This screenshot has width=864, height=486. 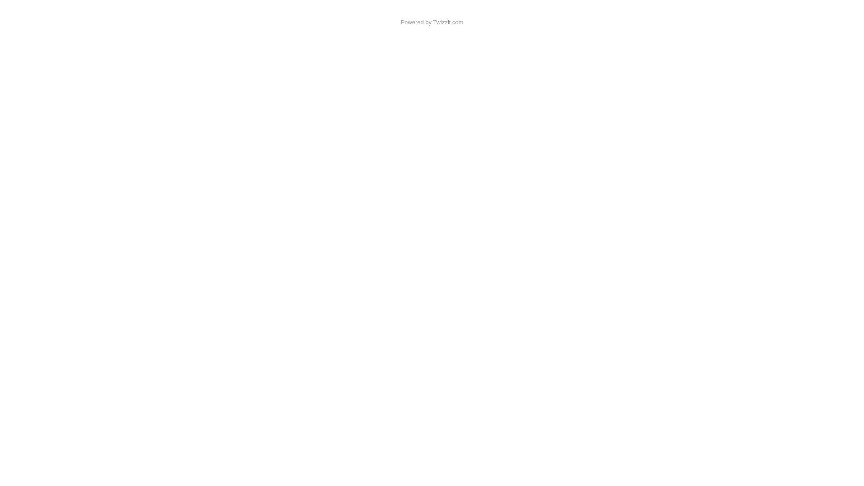 I want to click on 'Twizzit.com', so click(x=432, y=22).